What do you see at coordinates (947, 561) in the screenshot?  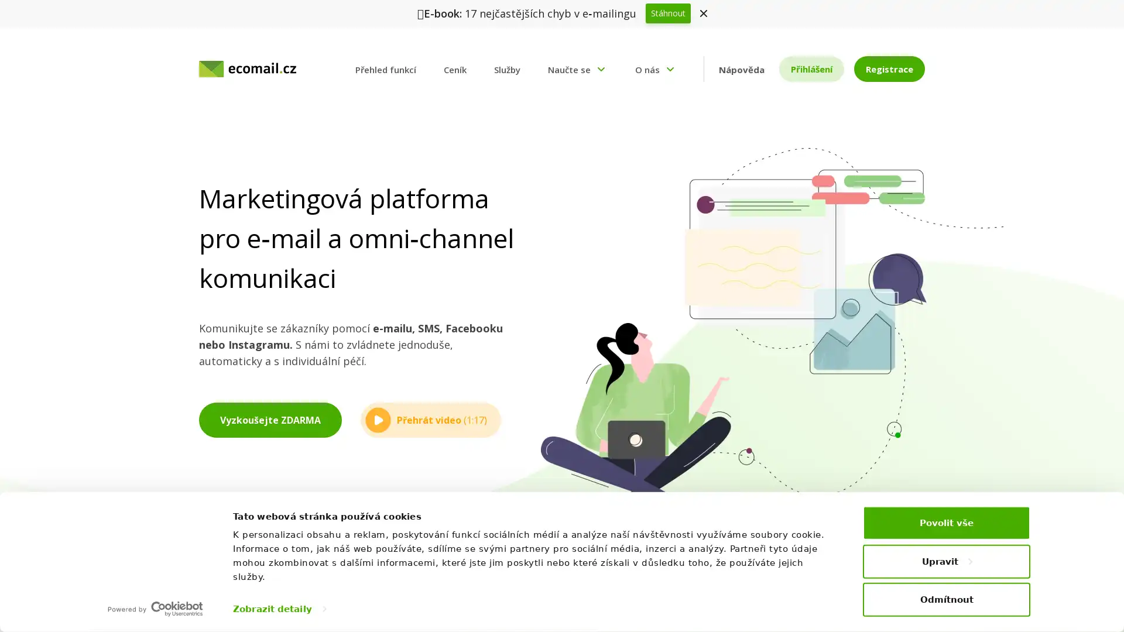 I see `Upravit` at bounding box center [947, 561].